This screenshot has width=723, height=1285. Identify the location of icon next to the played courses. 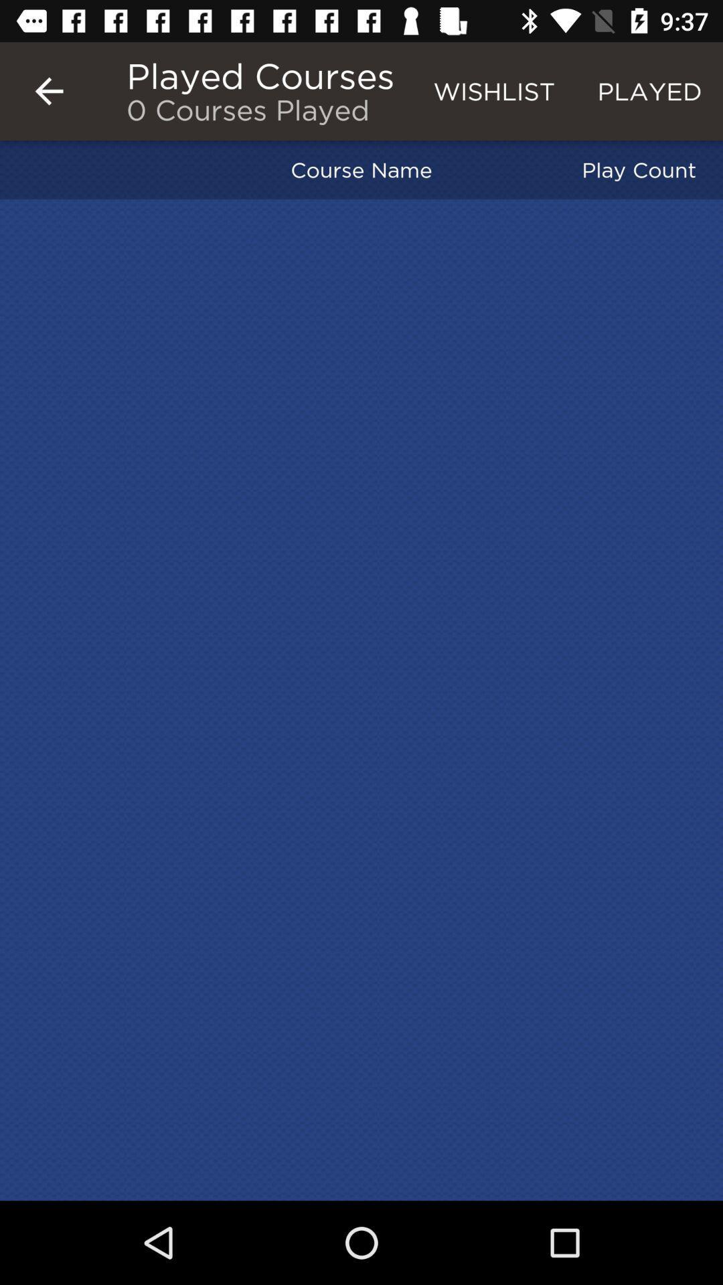
(48, 90).